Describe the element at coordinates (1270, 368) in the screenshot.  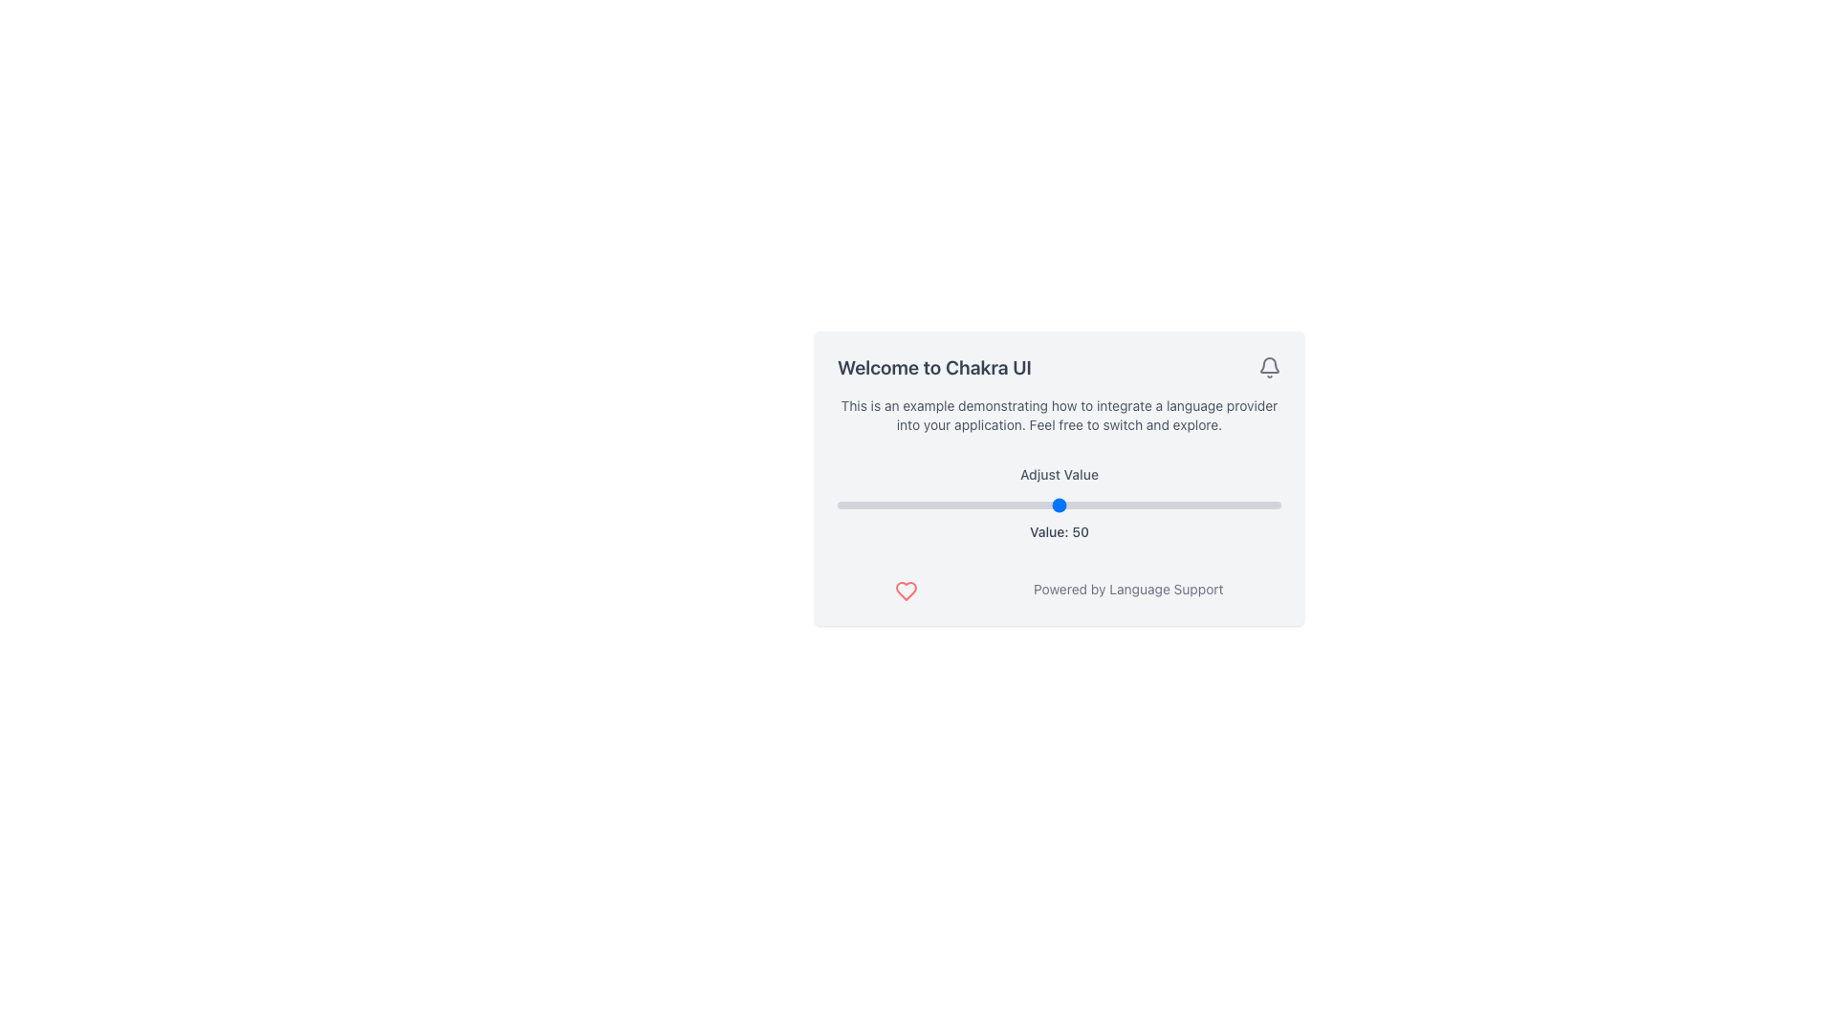
I see `the bell icon located to the far right of the header text 'Welcome to Chakra UI'` at that location.